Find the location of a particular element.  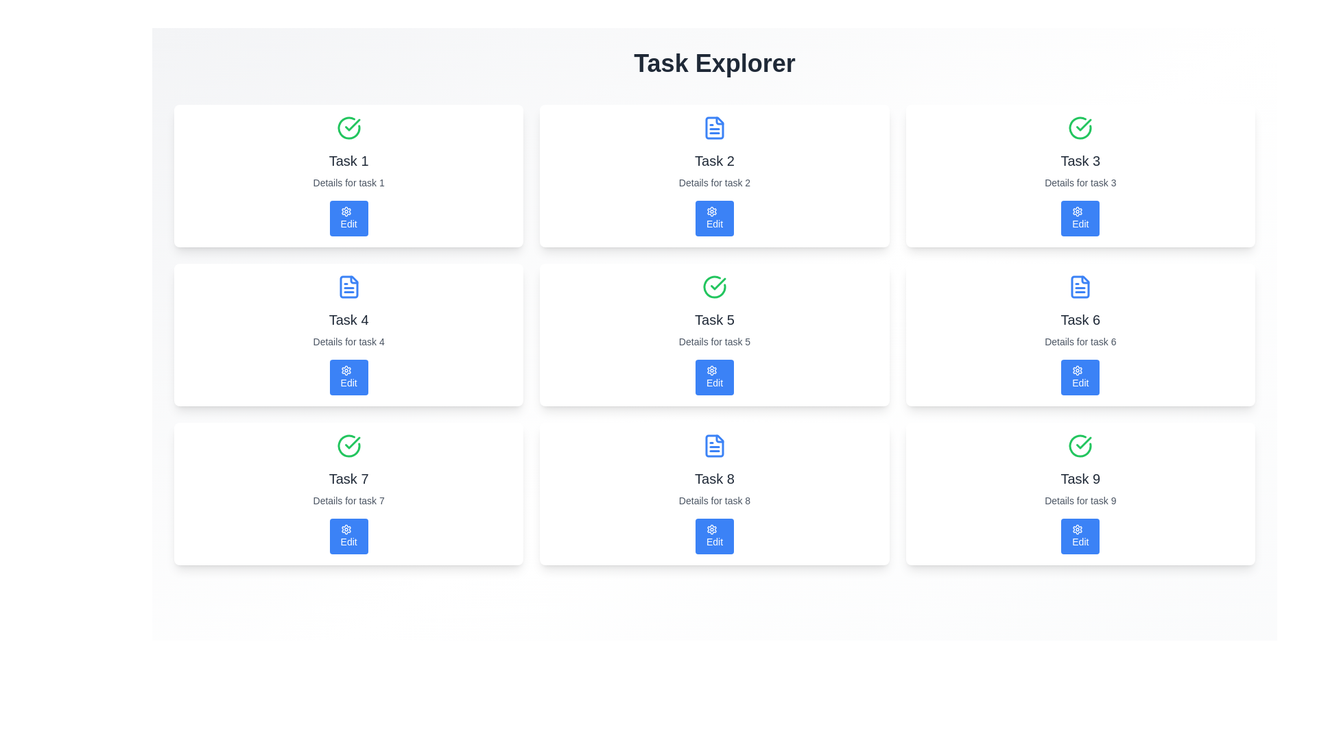

the green circular check mark icon, which indicates a completed state, located within the 'Task 9' card at the bottom-right corner of the grid layout is located at coordinates (1083, 443).